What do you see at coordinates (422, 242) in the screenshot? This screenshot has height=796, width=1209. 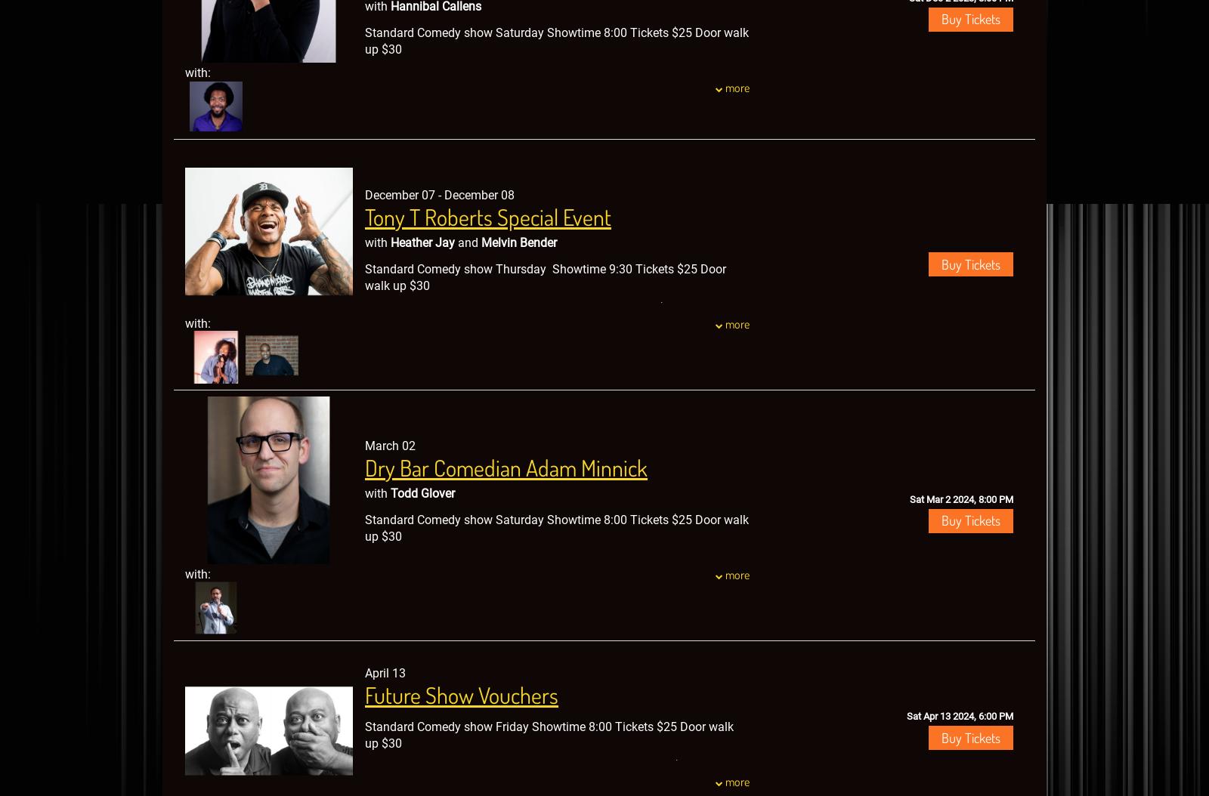 I see `'Heather Jay'` at bounding box center [422, 242].